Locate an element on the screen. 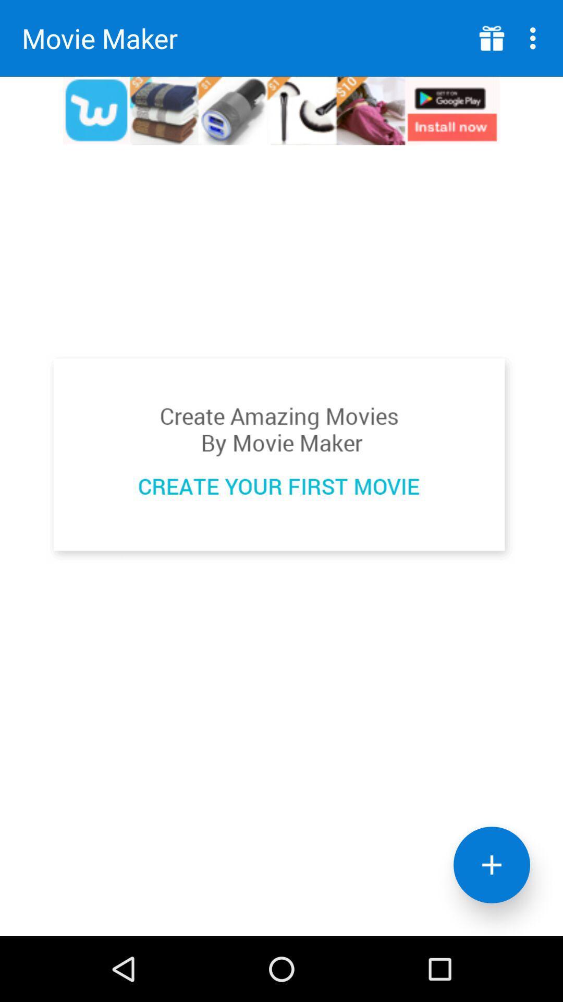 This screenshot has width=563, height=1002. selection is located at coordinates (492, 865).